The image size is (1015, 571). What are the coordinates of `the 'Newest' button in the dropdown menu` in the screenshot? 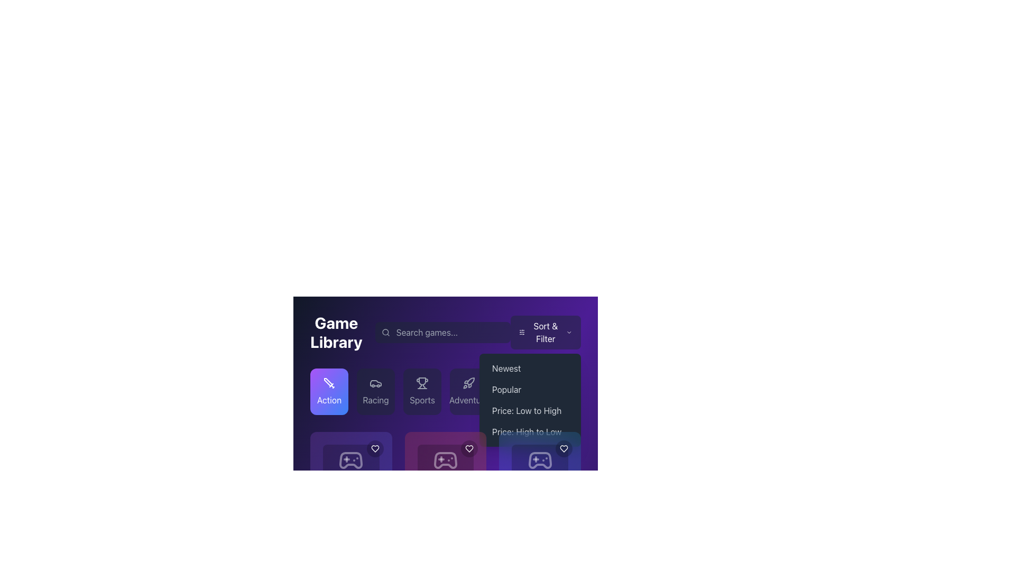 It's located at (530, 368).